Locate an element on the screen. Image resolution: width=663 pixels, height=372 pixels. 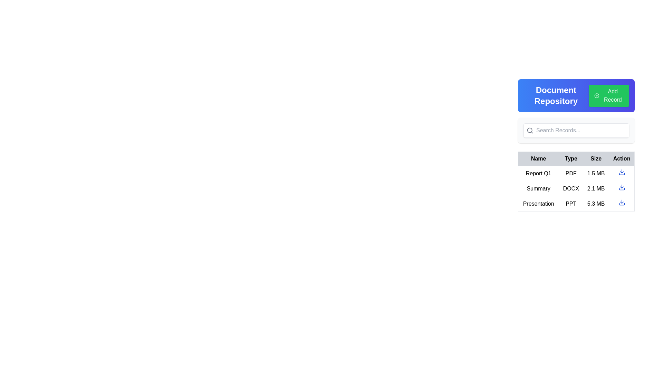
the download icon button located in the last column of the second row of the table under the 'Action' header, corresponding to the file 'Summary DOCX 2.1 MB' is located at coordinates (622, 188).